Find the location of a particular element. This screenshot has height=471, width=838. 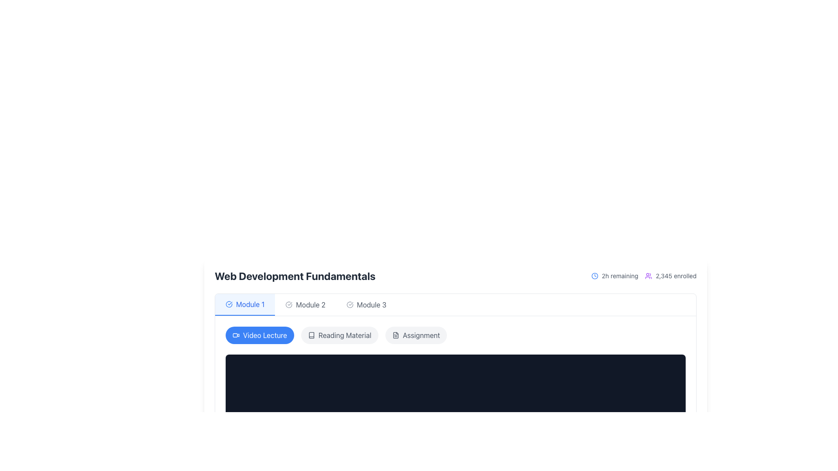

the circular icon with a checkmark inside, which is located within the 'Module 3' button, preceding its text label is located at coordinates (350, 304).